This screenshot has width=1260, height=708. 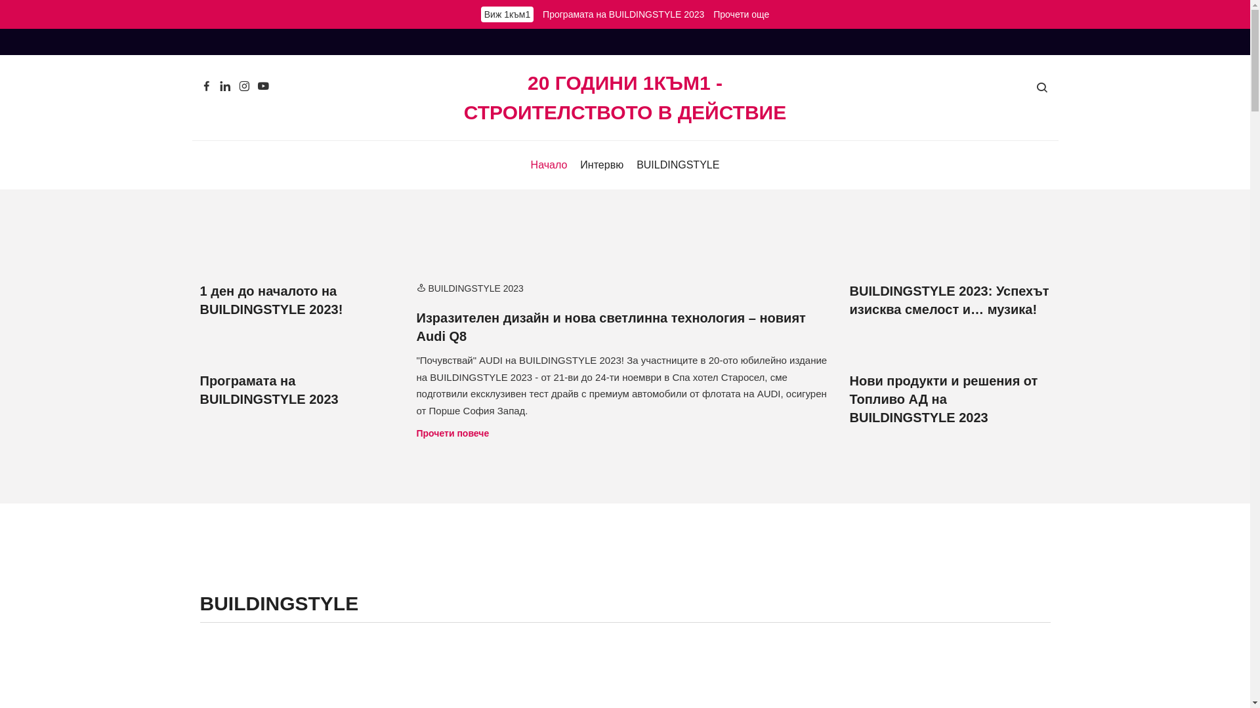 What do you see at coordinates (677, 164) in the screenshot?
I see `'BUILDINGSTYLE'` at bounding box center [677, 164].